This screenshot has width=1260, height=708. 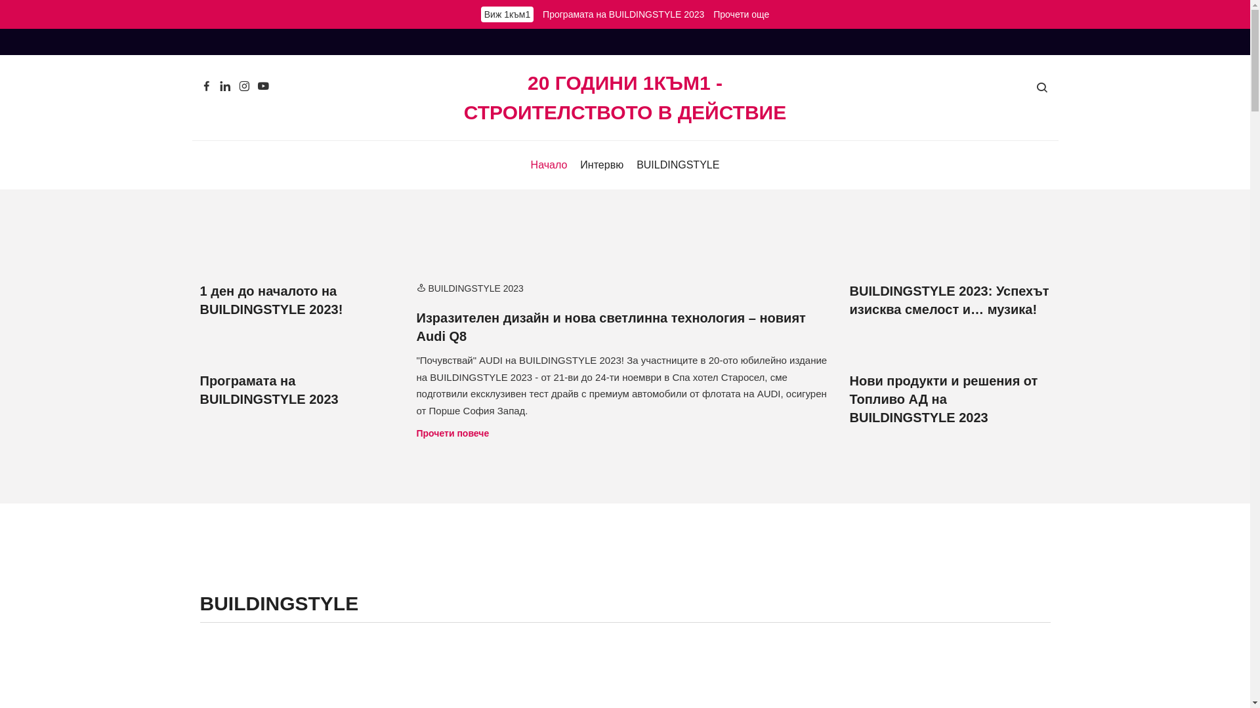 What do you see at coordinates (677, 164) in the screenshot?
I see `'BUILDINGSTYLE'` at bounding box center [677, 164].